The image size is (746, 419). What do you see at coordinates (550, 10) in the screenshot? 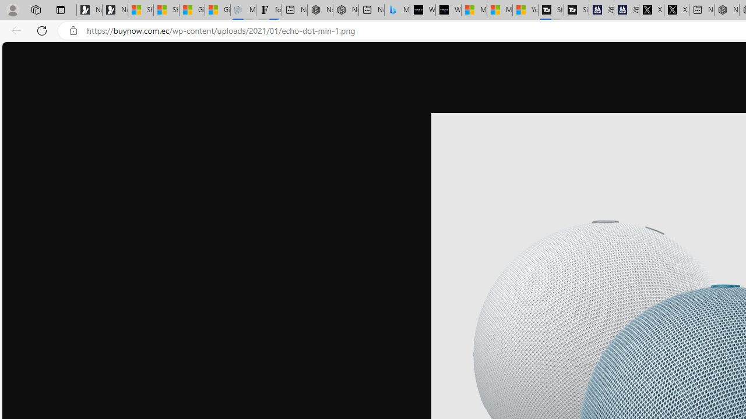
I see `'Streaming Coverage | T3'` at bounding box center [550, 10].